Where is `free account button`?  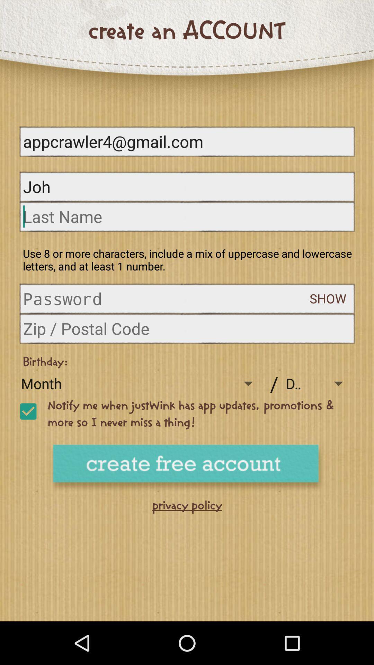 free account button is located at coordinates (187, 468).